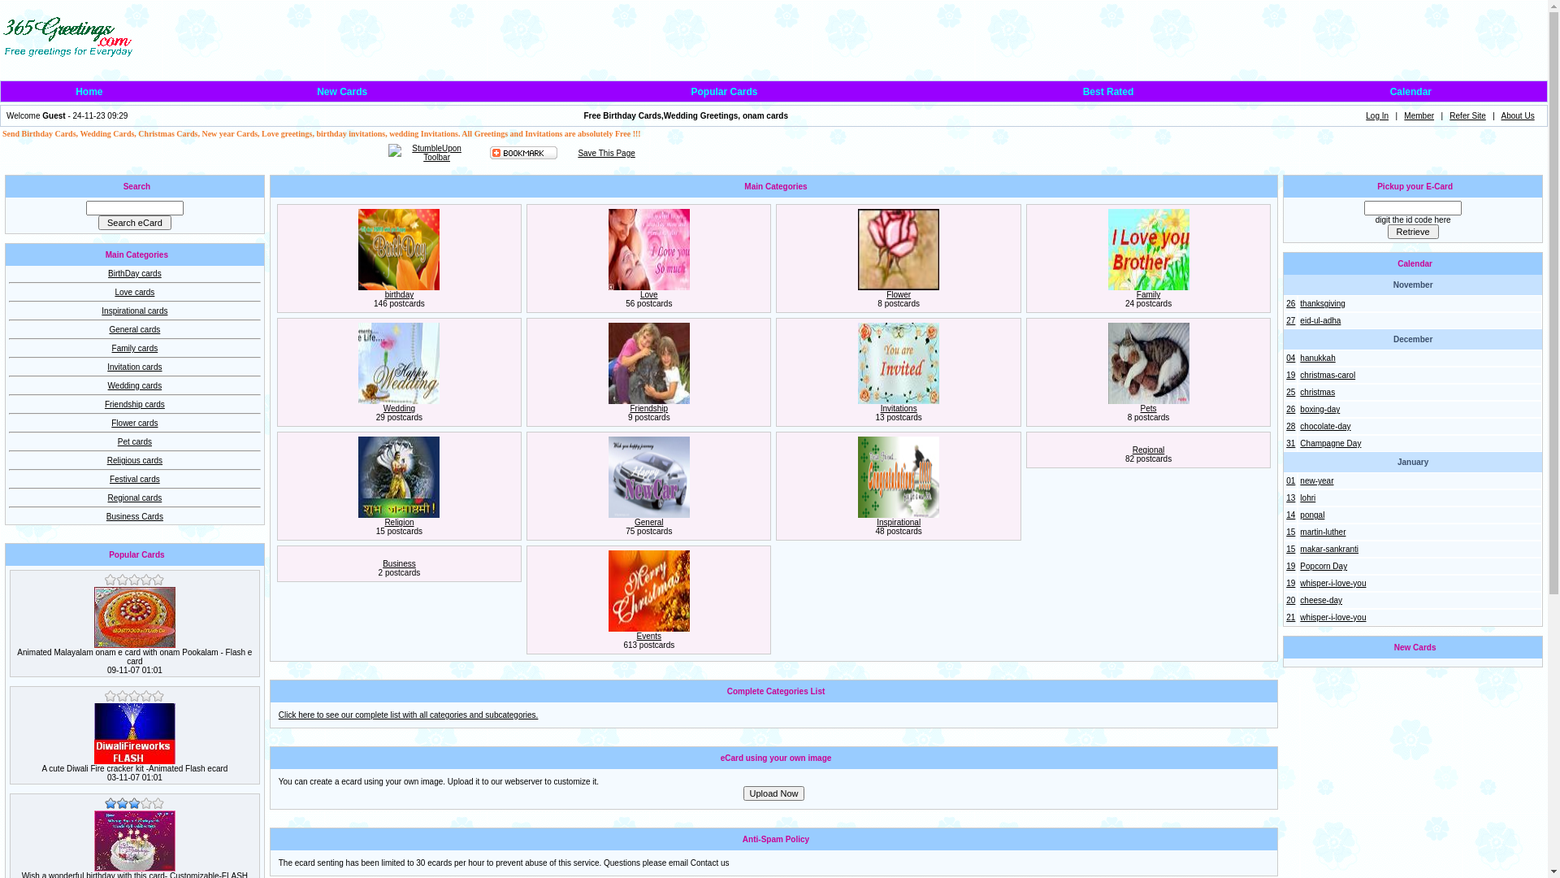  Describe the element at coordinates (773, 792) in the screenshot. I see `'Upload Now'` at that location.